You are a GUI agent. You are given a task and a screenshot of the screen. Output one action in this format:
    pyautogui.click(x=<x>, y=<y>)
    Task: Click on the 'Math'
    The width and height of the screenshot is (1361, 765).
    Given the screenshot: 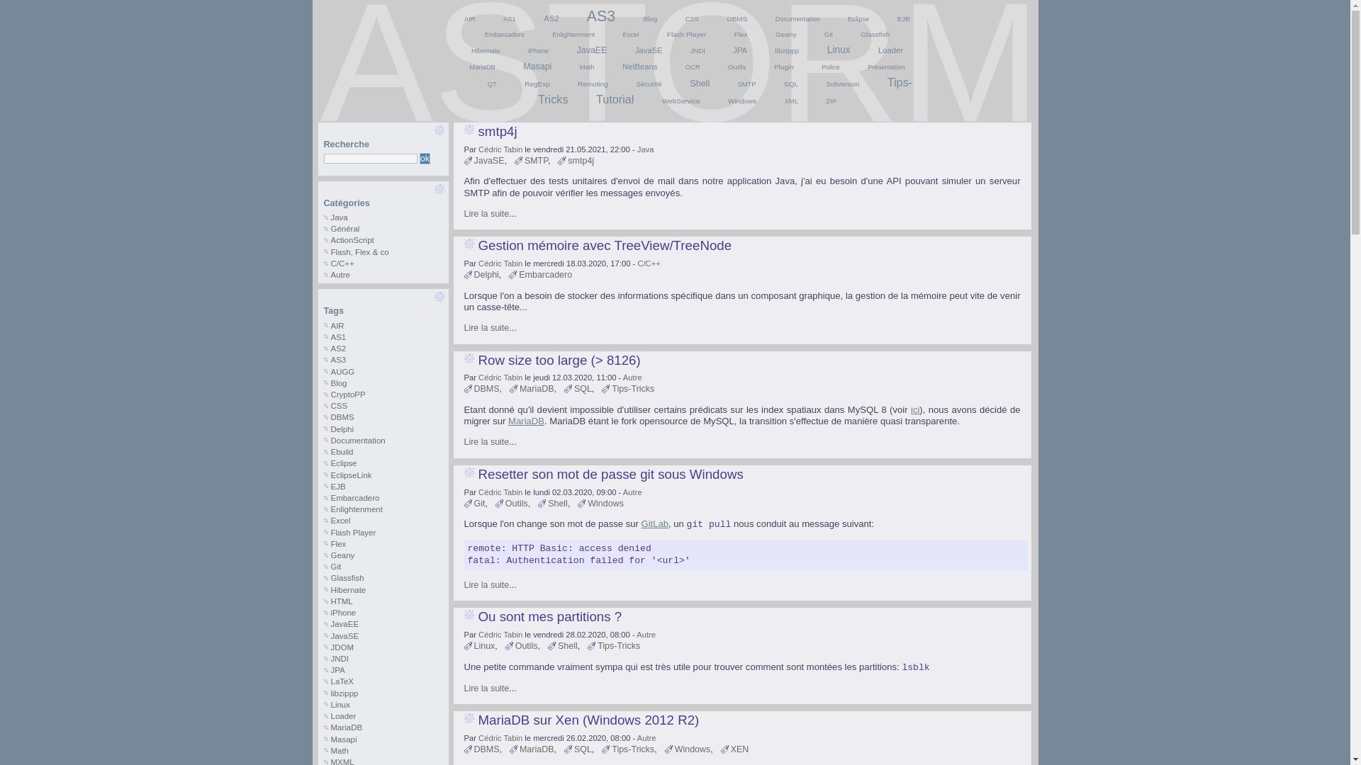 What is the action you would take?
    pyautogui.click(x=339, y=750)
    